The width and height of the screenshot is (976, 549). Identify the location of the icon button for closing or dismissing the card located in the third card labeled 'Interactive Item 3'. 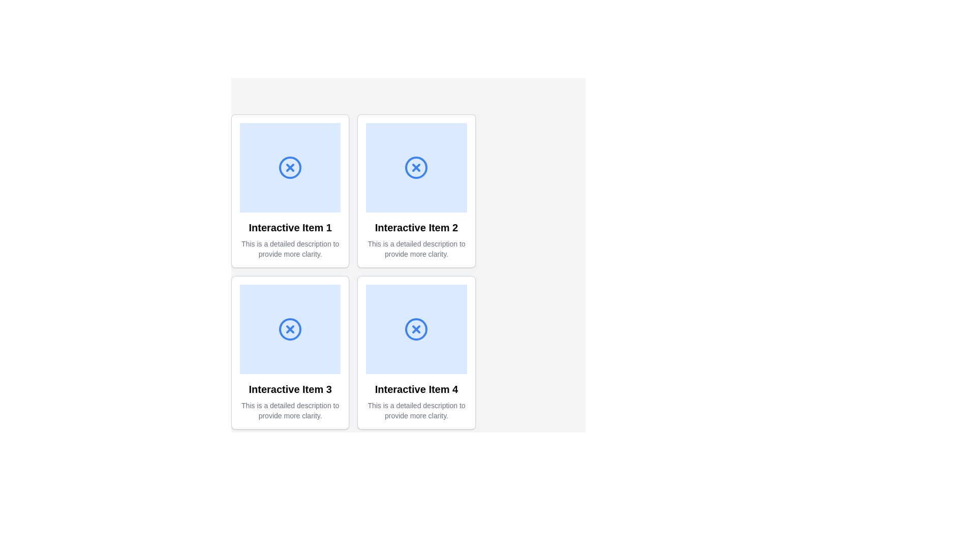
(290, 329).